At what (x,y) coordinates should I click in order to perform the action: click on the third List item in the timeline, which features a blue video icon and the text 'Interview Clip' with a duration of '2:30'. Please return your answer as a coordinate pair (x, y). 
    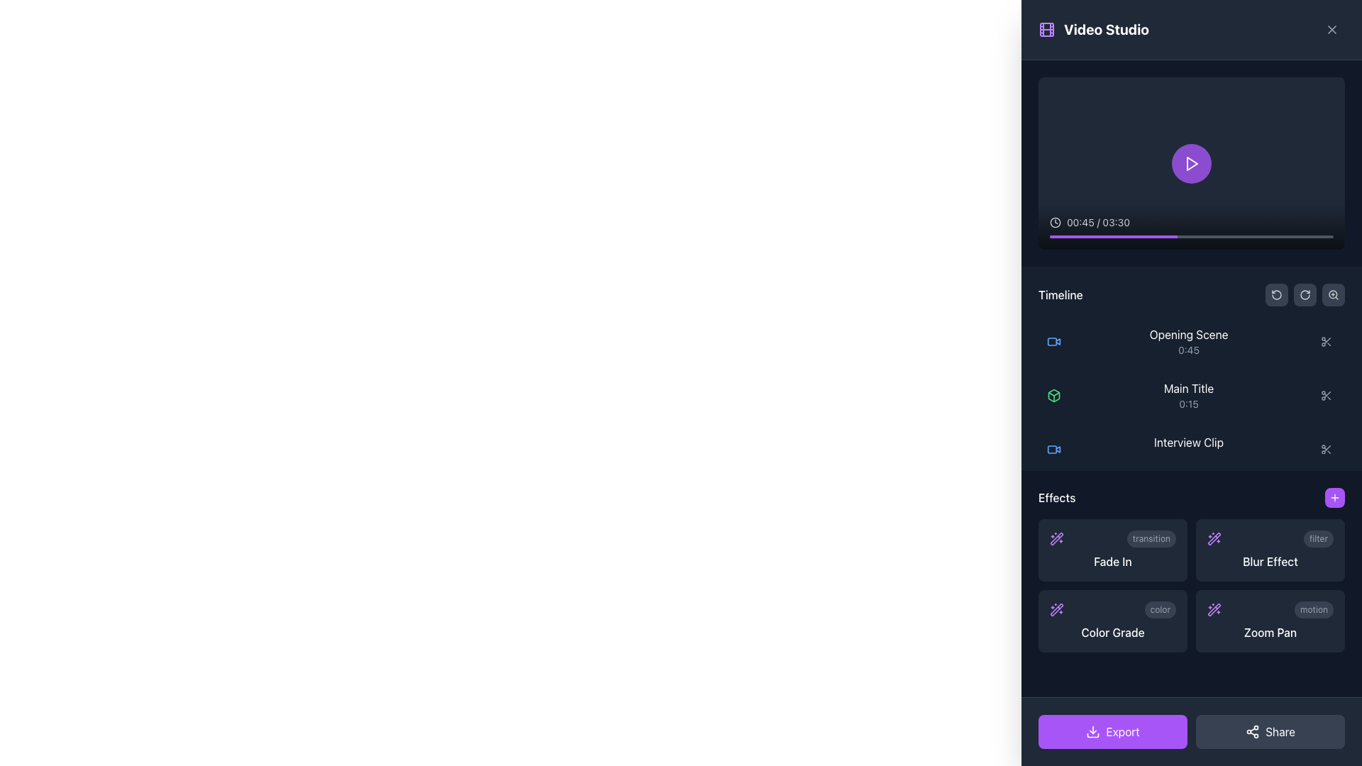
    Looking at the image, I should click on (1192, 449).